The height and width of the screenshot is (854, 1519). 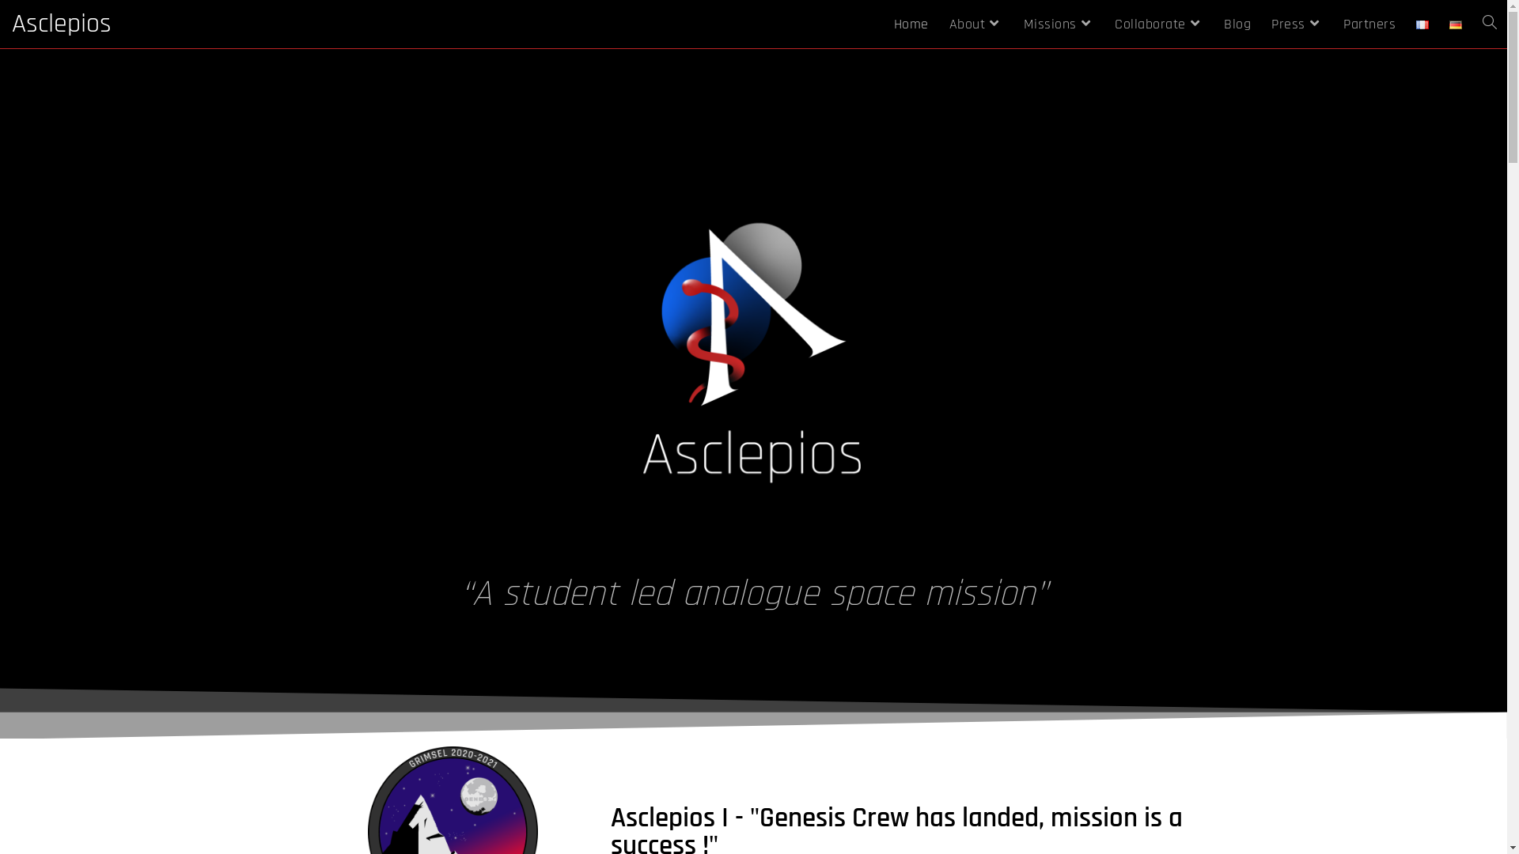 I want to click on 'Missions', so click(x=1059, y=24).